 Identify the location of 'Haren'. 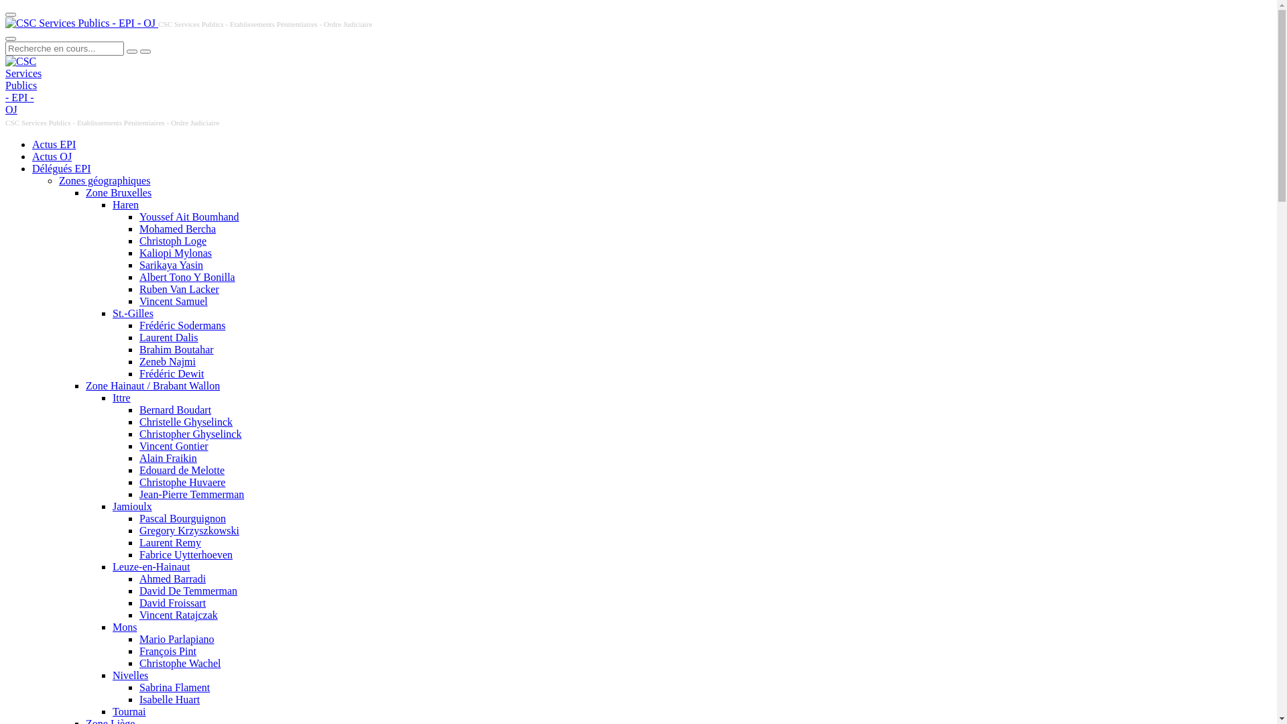
(125, 204).